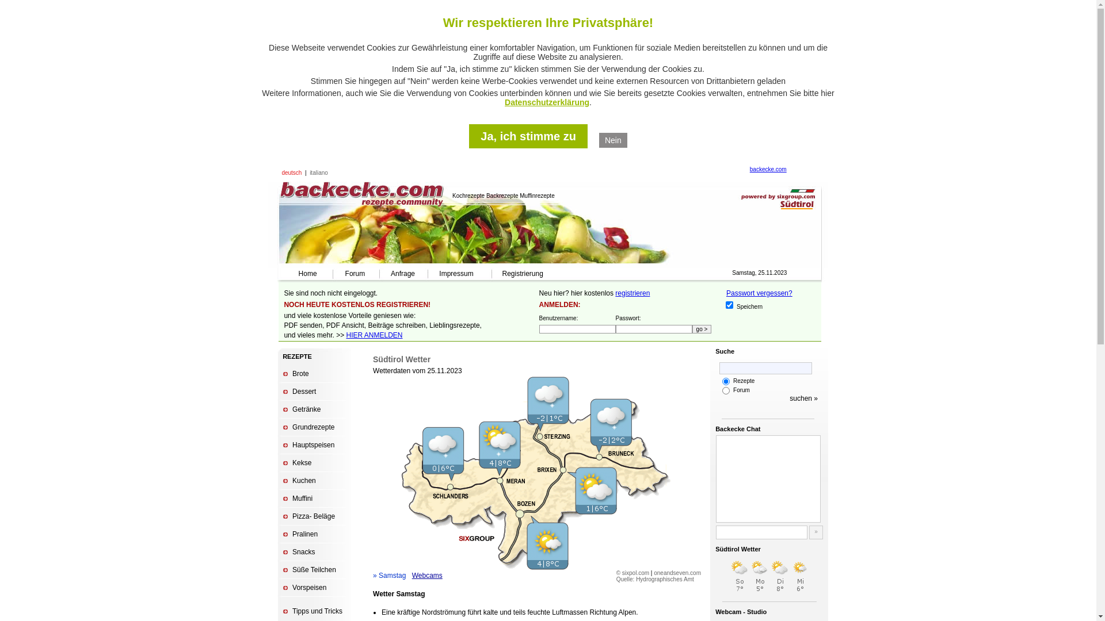 The width and height of the screenshot is (1105, 621). Describe the element at coordinates (469, 135) in the screenshot. I see `'Ja, ich stimme zu'` at that location.